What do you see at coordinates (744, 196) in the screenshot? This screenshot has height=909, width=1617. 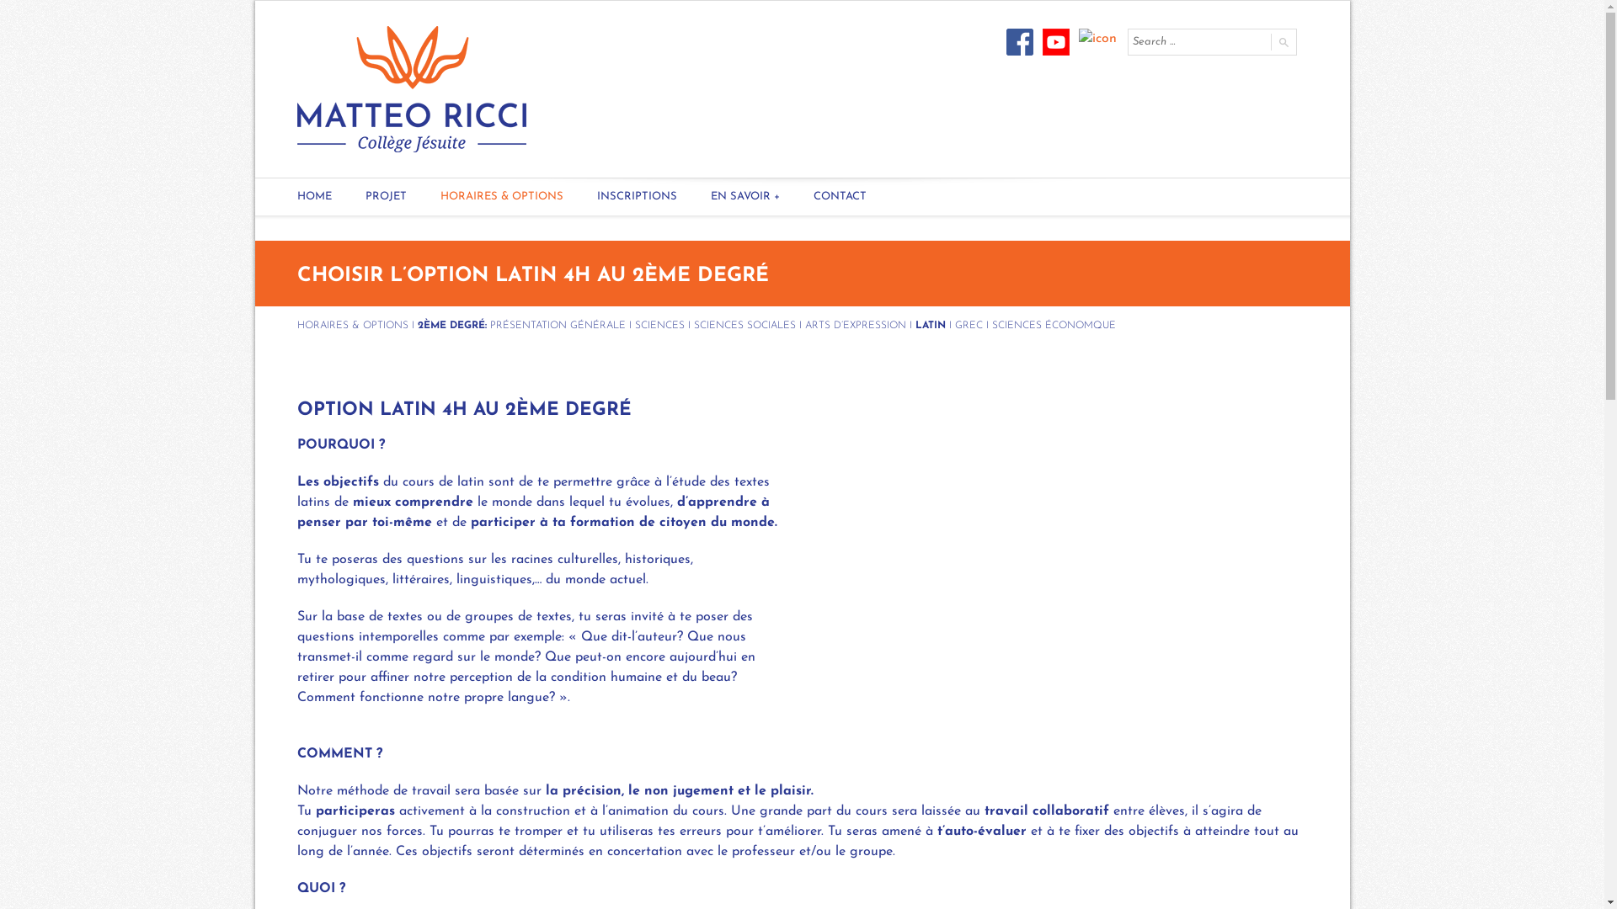 I see `'EN SAVOIR +'` at bounding box center [744, 196].